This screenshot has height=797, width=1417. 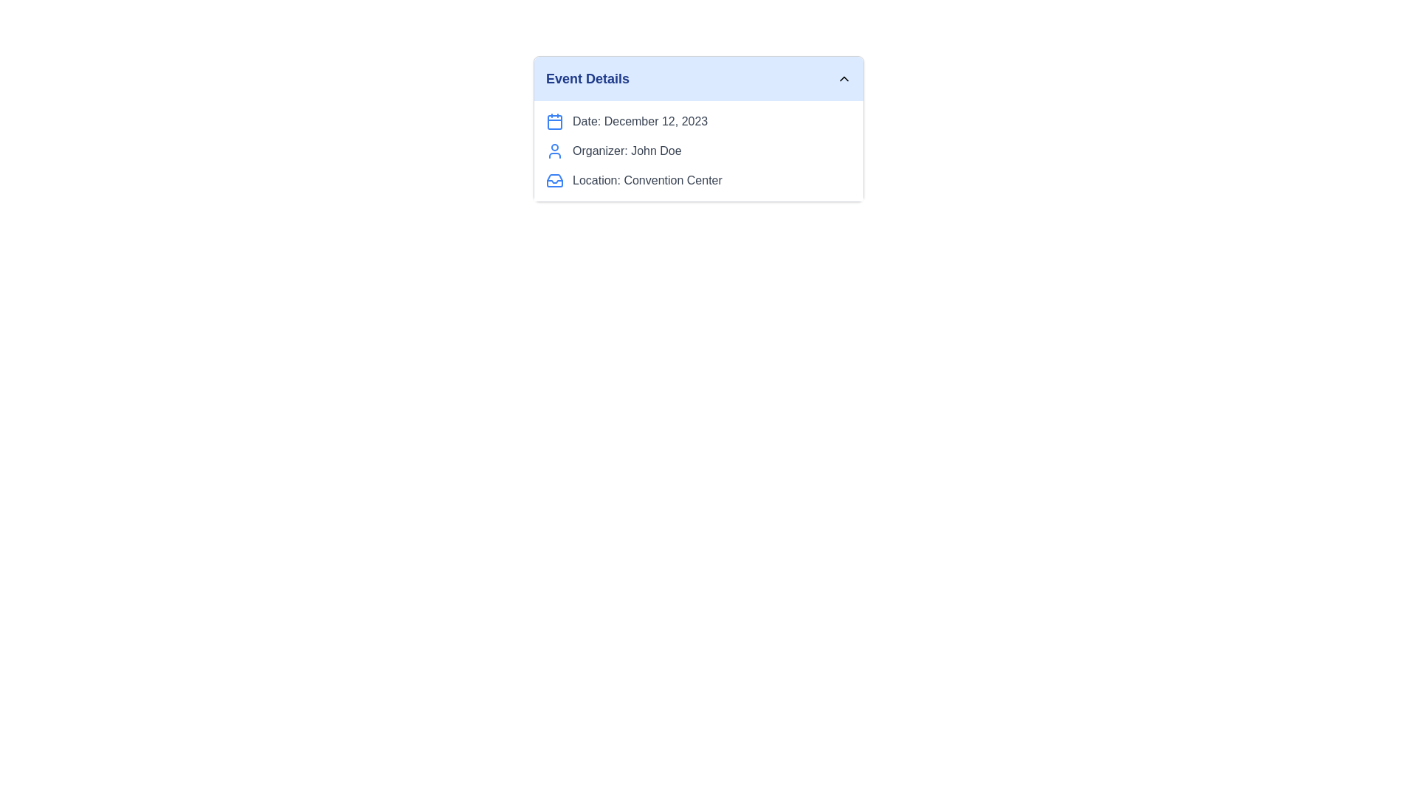 What do you see at coordinates (554, 151) in the screenshot?
I see `the user icon associated with the label 'Organizer: John Doe' for informational purposes` at bounding box center [554, 151].